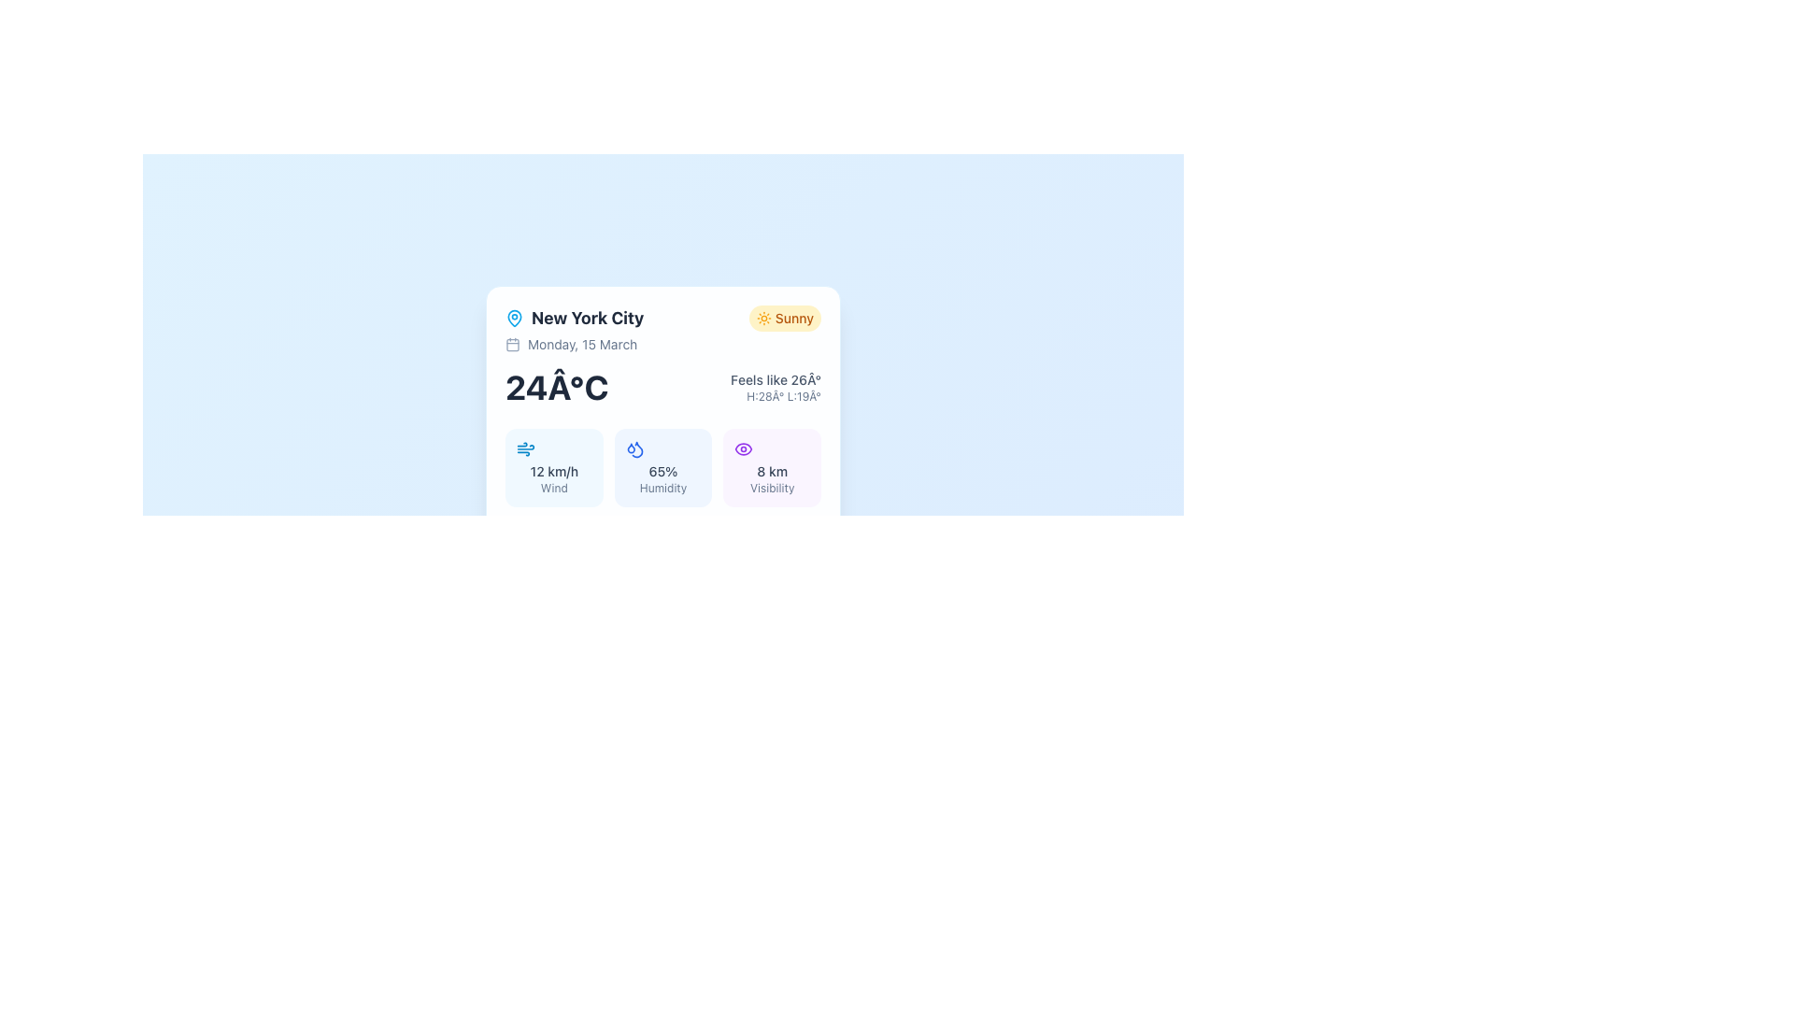 The height and width of the screenshot is (1009, 1794). Describe the element at coordinates (772, 488) in the screenshot. I see `text content of the Text label positioned below the '8 km' value in the lower-right section of the weather information interface` at that location.